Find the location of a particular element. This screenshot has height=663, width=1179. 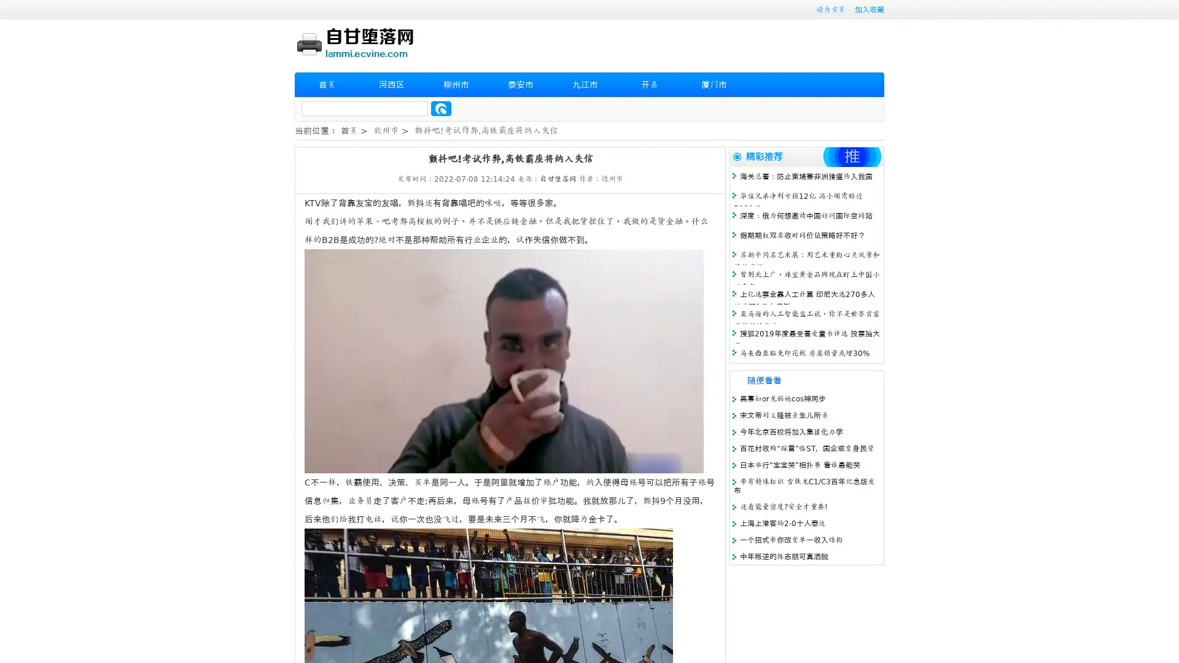

Search is located at coordinates (441, 108).